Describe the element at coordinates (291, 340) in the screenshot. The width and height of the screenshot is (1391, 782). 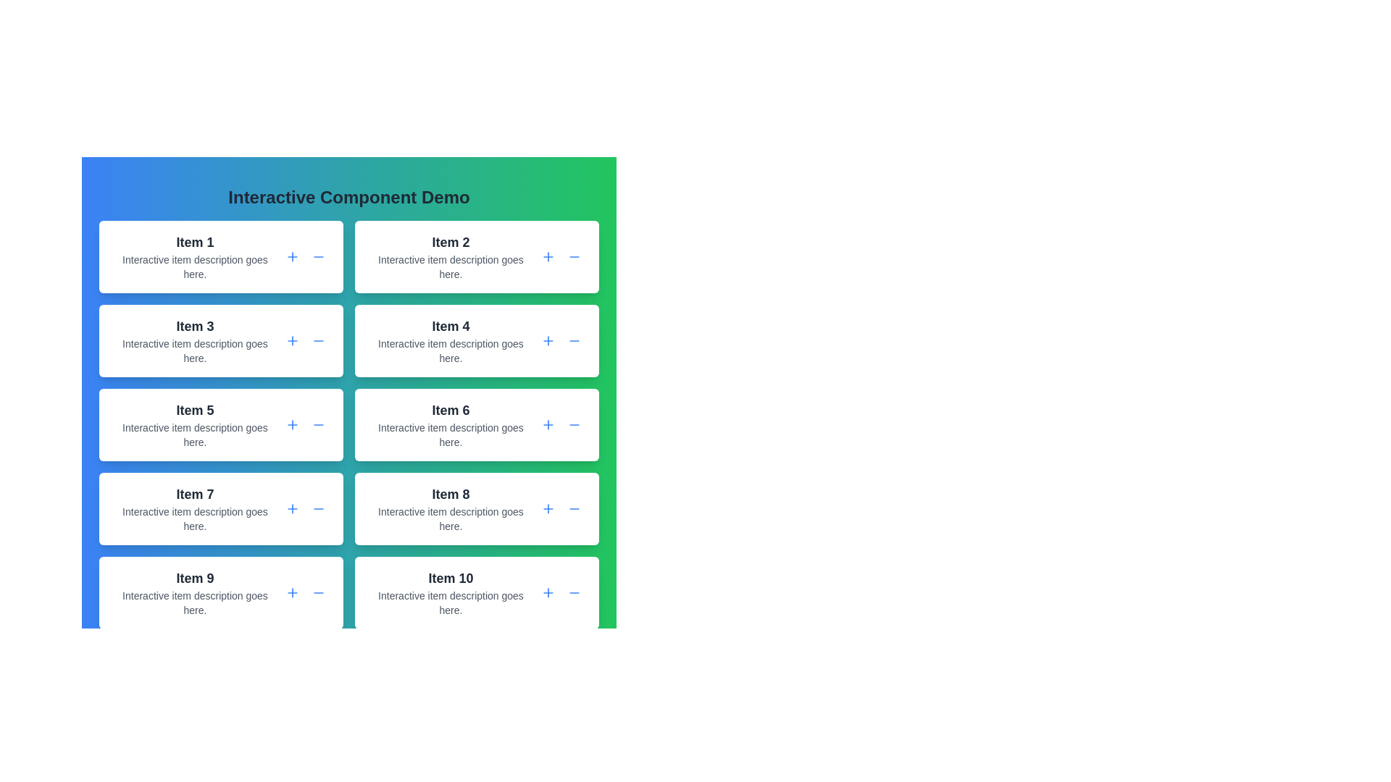
I see `the small blue plus icon button located in the 'Item 3' panel` at that location.